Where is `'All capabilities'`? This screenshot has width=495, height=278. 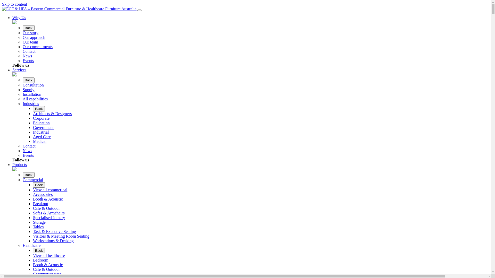
'All capabilities' is located at coordinates (35, 99).